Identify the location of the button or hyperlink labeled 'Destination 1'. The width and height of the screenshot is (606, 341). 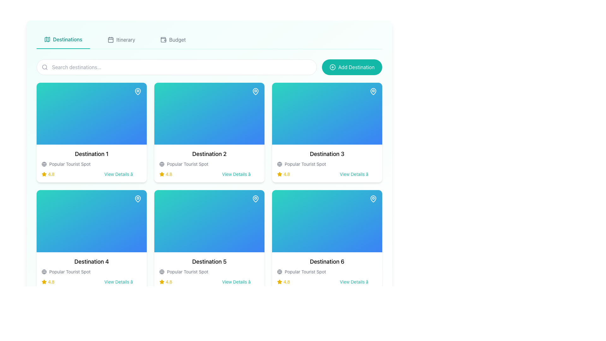
(123, 174).